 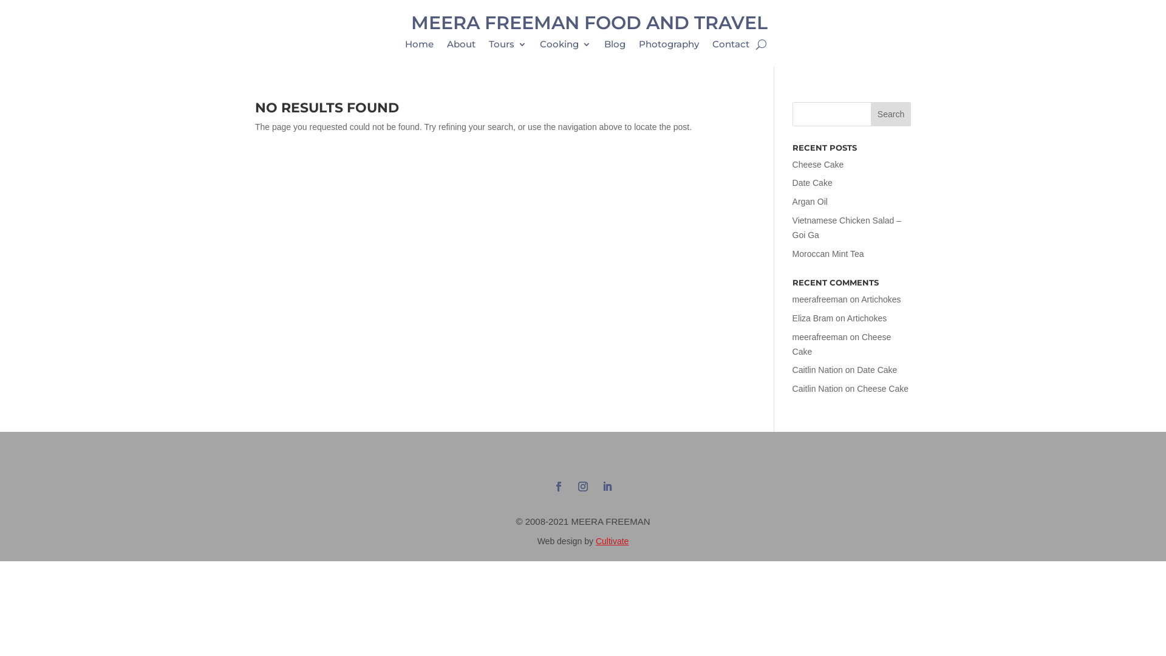 What do you see at coordinates (827, 253) in the screenshot?
I see `'Moroccan Mint Tea'` at bounding box center [827, 253].